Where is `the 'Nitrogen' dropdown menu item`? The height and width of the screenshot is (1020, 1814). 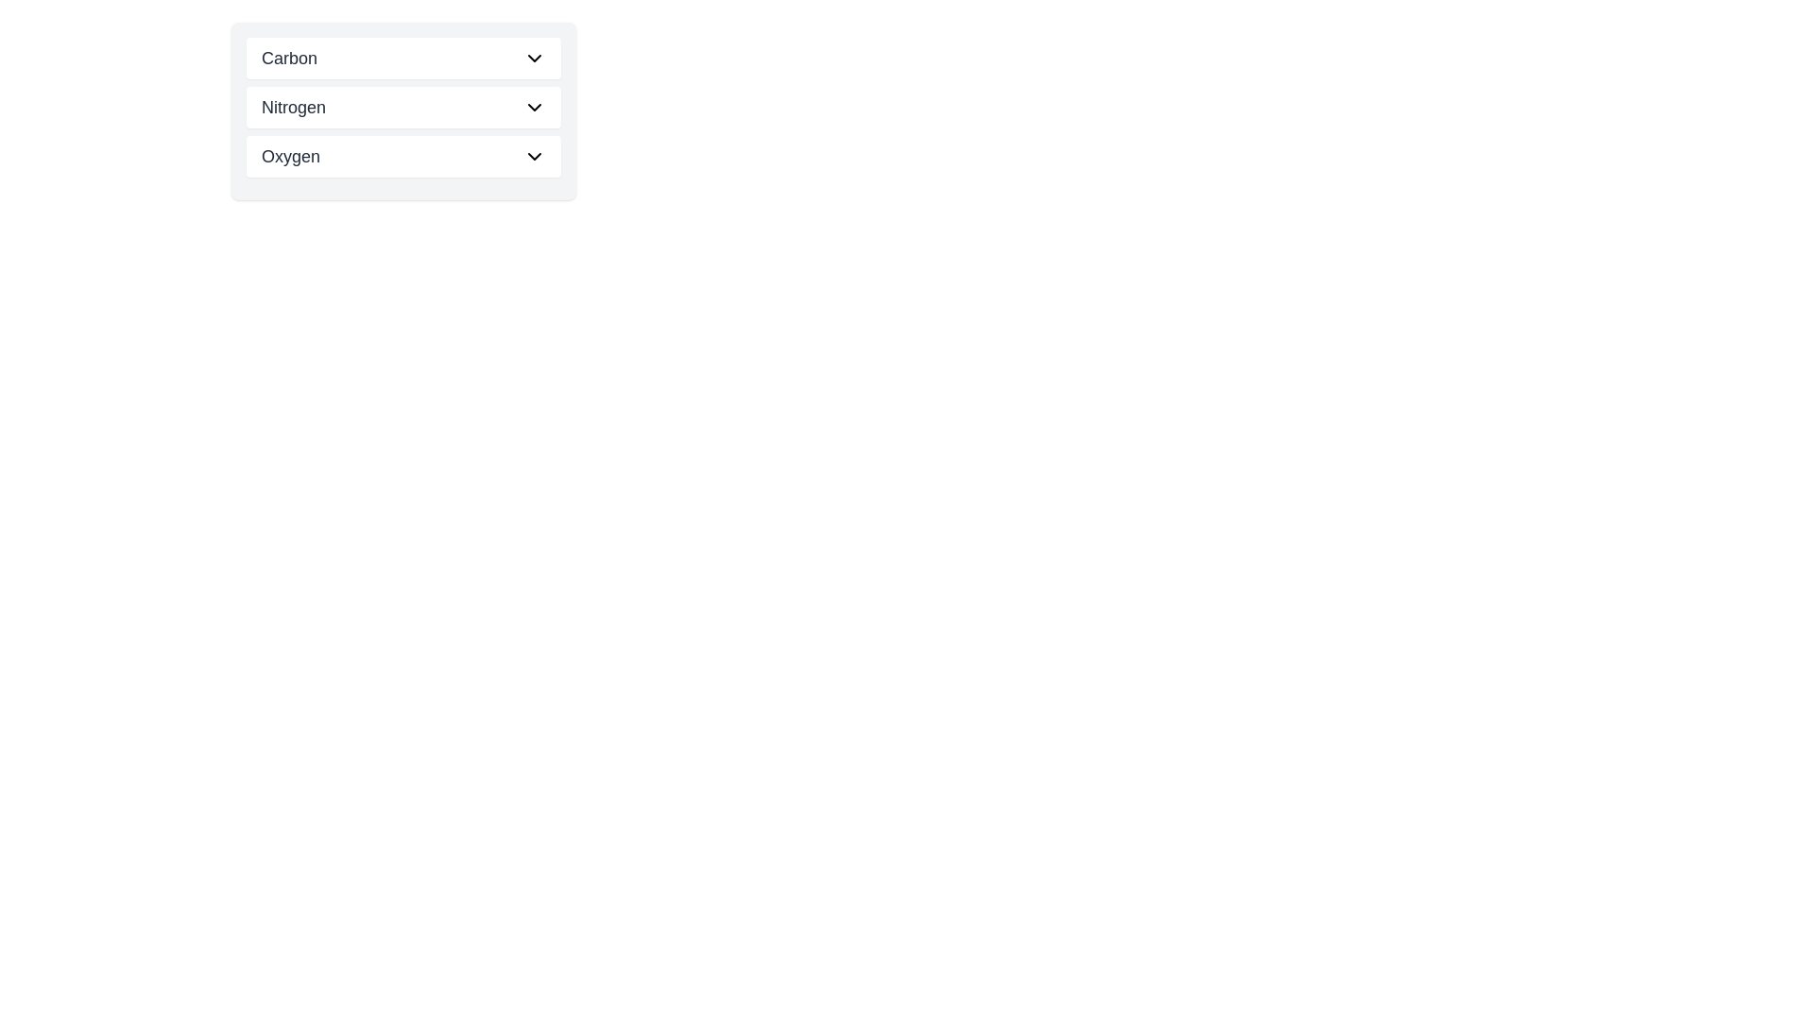 the 'Nitrogen' dropdown menu item is located at coordinates (402, 111).